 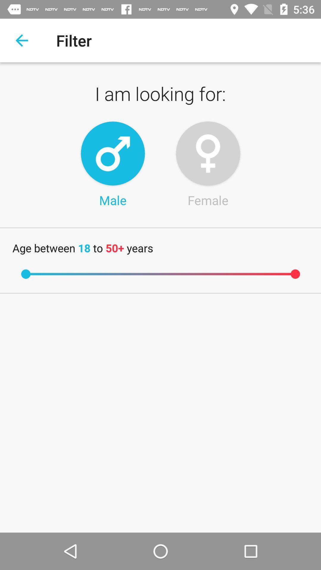 What do you see at coordinates (21, 40) in the screenshot?
I see `icon next to the filter icon` at bounding box center [21, 40].